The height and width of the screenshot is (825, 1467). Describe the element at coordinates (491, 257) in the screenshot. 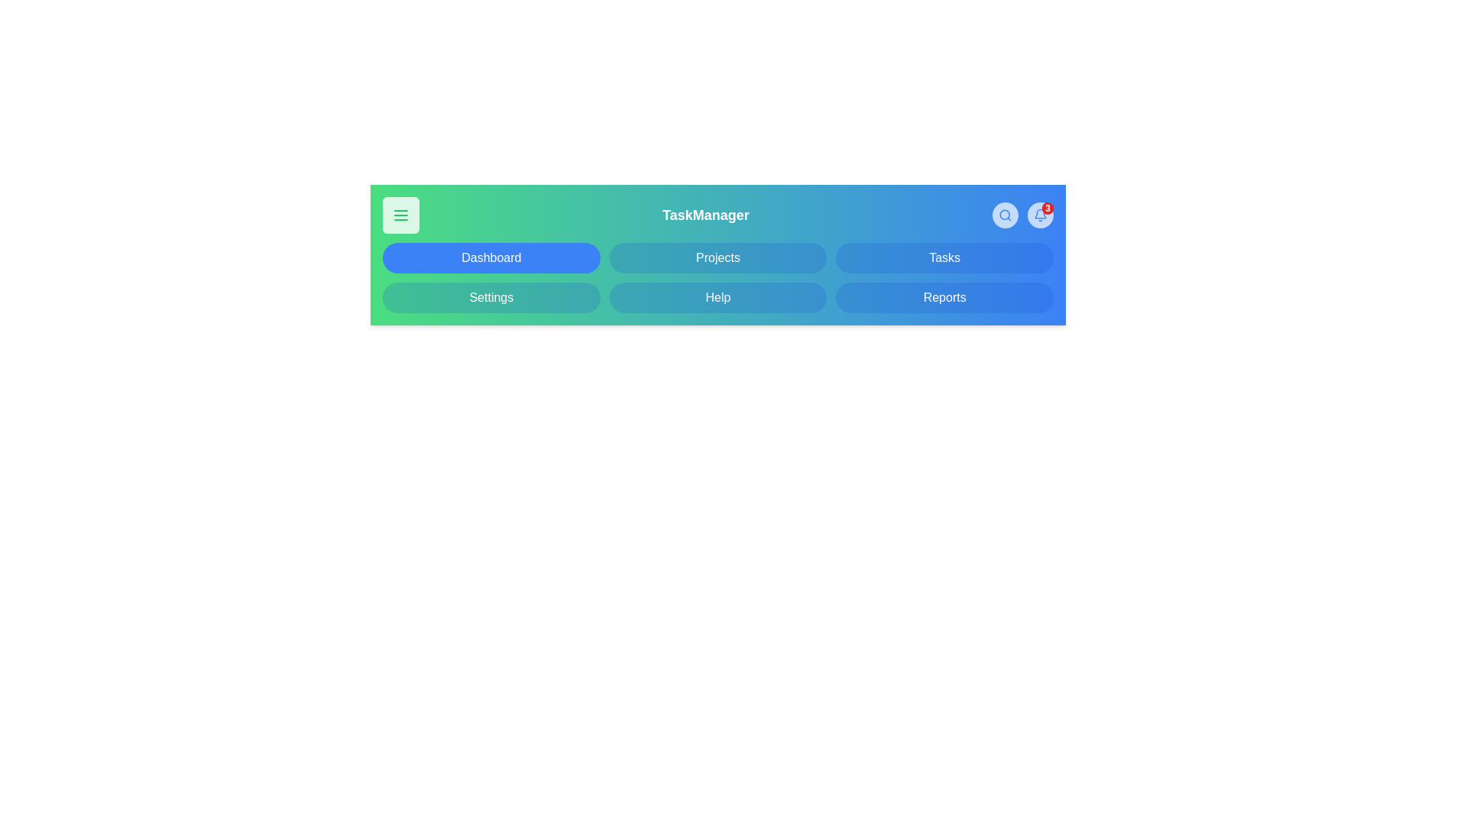

I see `the Dashboard tab to navigate to it` at that location.